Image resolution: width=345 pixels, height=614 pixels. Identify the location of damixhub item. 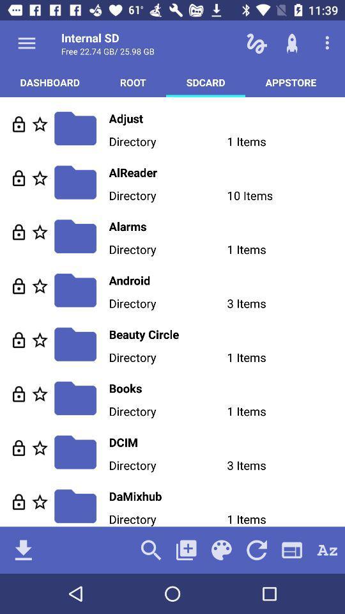
(226, 495).